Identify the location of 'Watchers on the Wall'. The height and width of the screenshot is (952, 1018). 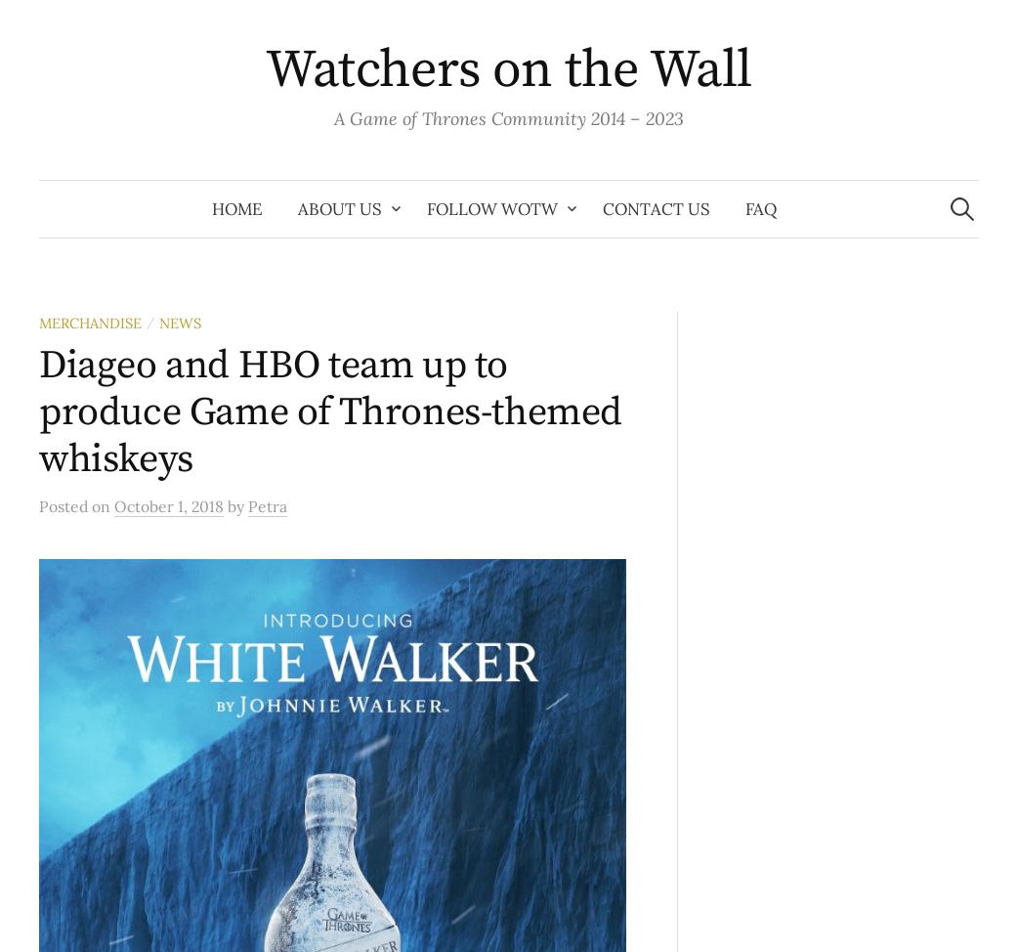
(508, 69).